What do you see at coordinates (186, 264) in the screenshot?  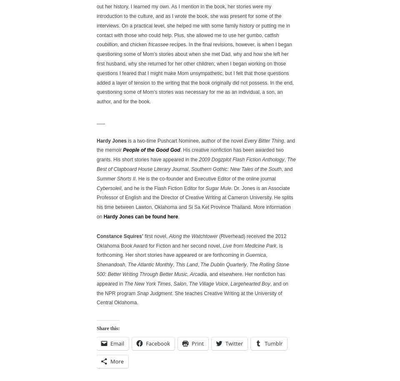 I see `'This Land'` at bounding box center [186, 264].